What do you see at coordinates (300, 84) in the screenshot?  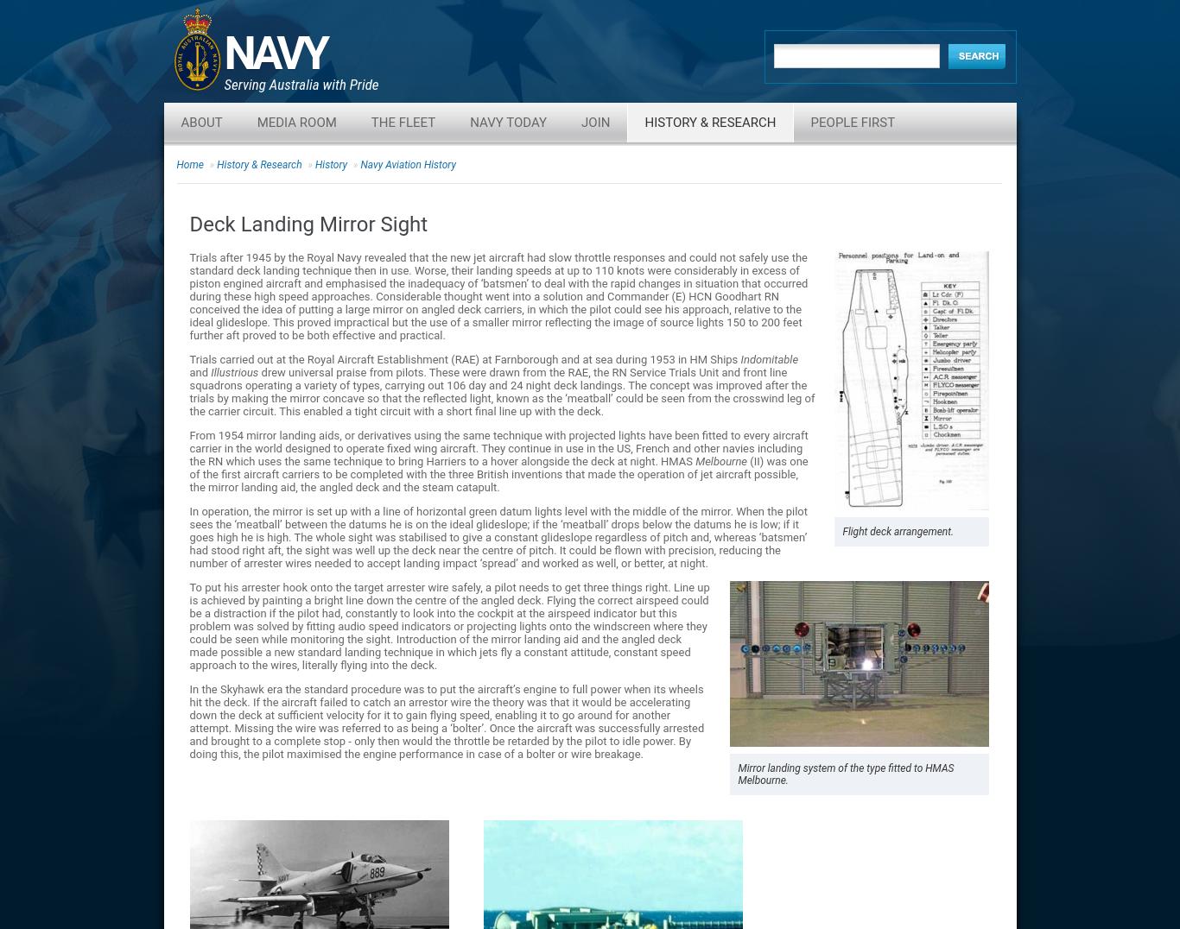 I see `'Serving Australia with Pride'` at bounding box center [300, 84].